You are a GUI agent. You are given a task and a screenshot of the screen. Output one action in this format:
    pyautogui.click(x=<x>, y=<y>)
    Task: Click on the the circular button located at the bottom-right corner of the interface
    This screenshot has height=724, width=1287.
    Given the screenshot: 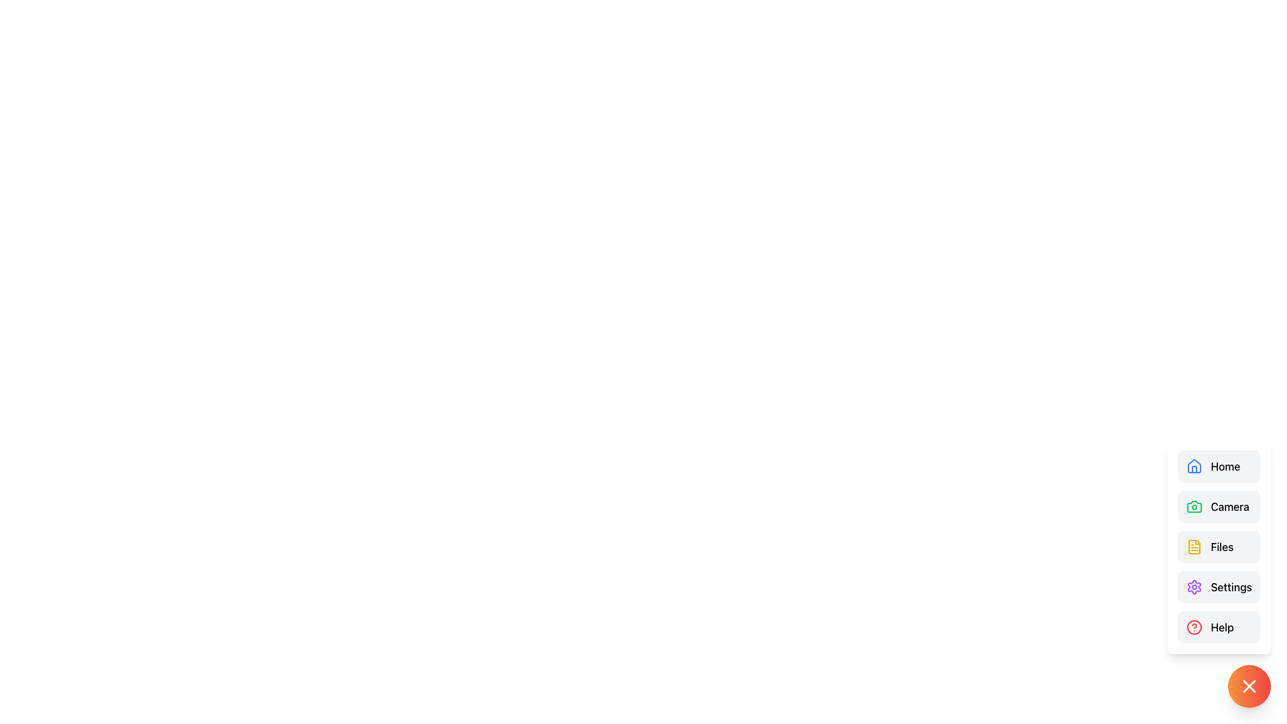 What is the action you would take?
    pyautogui.click(x=1248, y=686)
    